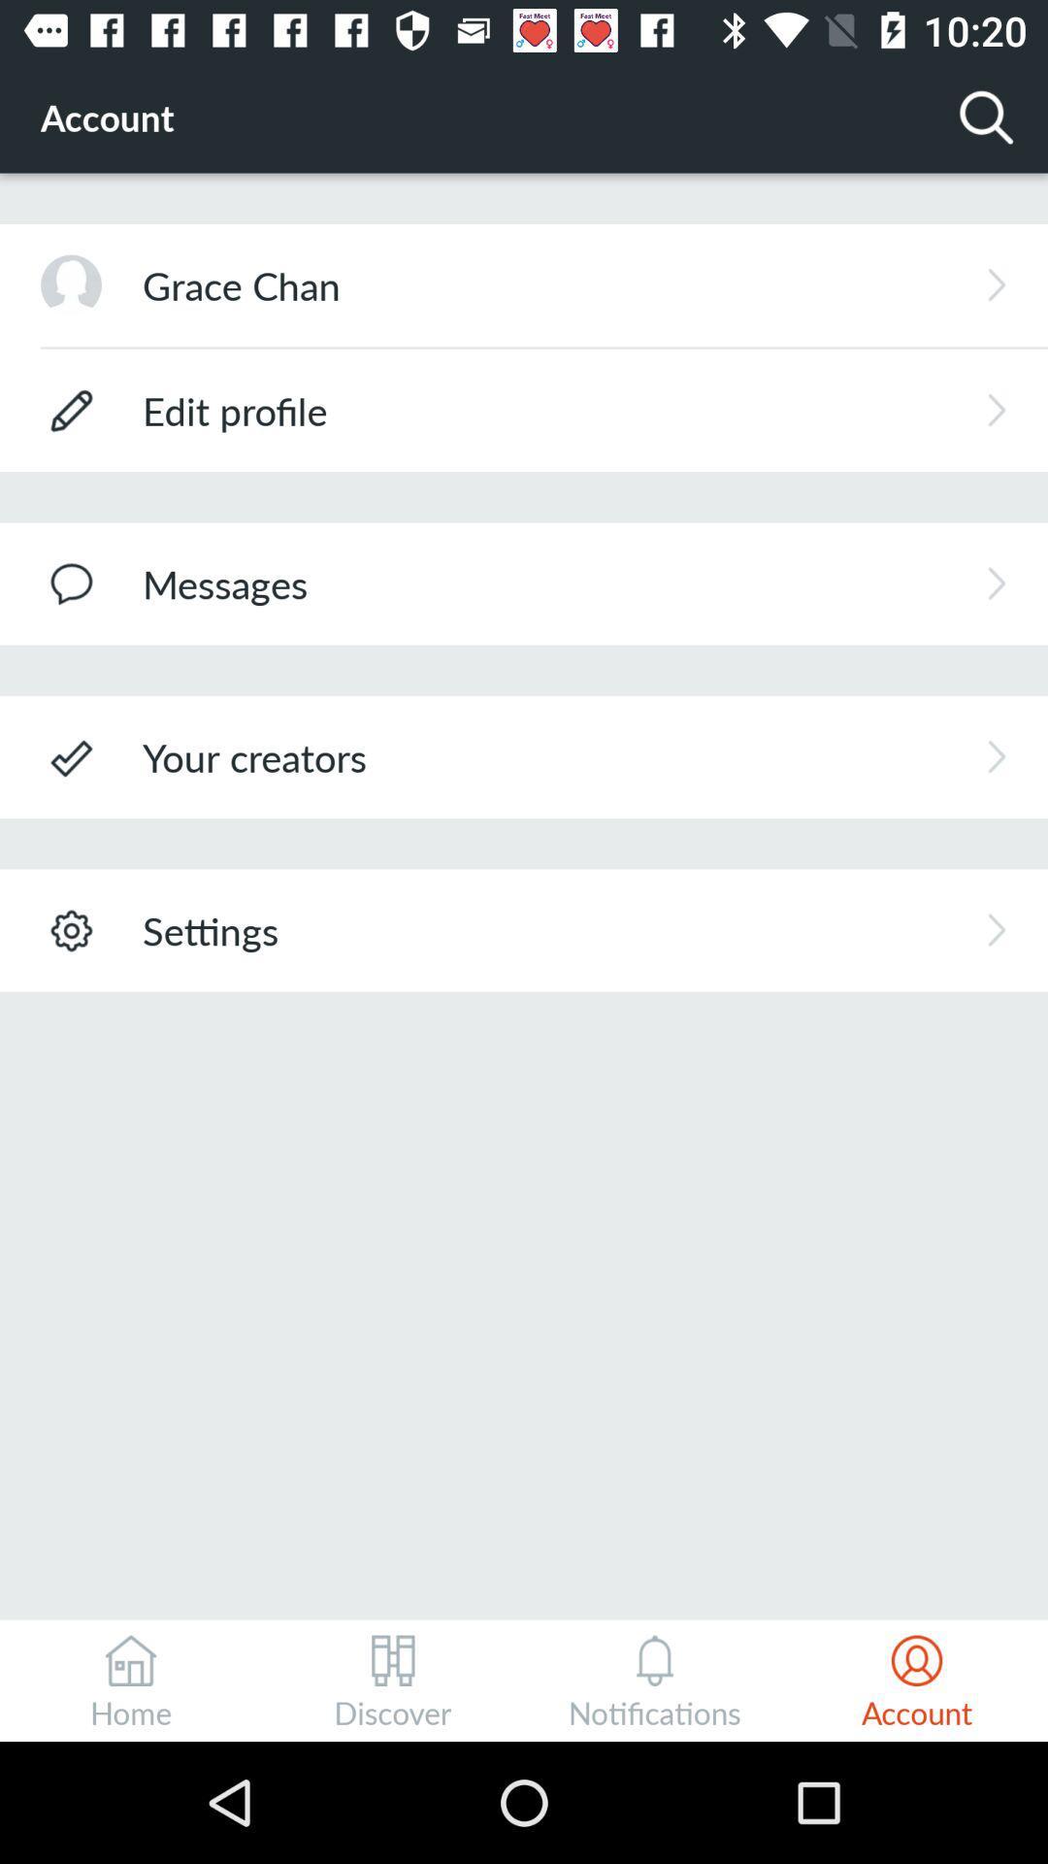 This screenshot has width=1048, height=1864. I want to click on the icon to the right of the account item, so click(987, 116).